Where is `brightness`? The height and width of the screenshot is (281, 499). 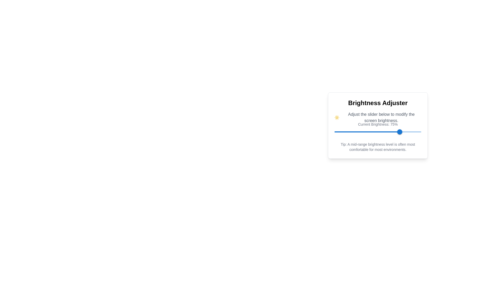
brightness is located at coordinates (408, 131).